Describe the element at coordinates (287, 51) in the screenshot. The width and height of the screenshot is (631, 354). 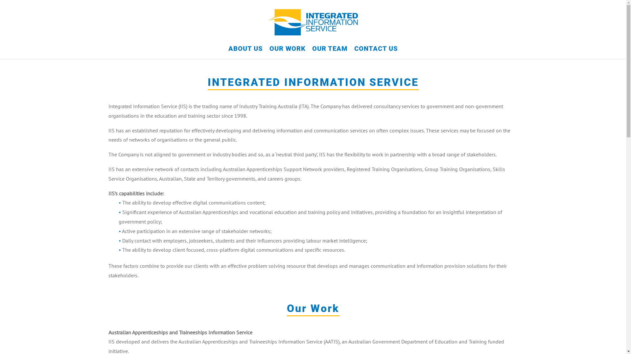
I see `'OUR WORK'` at that location.